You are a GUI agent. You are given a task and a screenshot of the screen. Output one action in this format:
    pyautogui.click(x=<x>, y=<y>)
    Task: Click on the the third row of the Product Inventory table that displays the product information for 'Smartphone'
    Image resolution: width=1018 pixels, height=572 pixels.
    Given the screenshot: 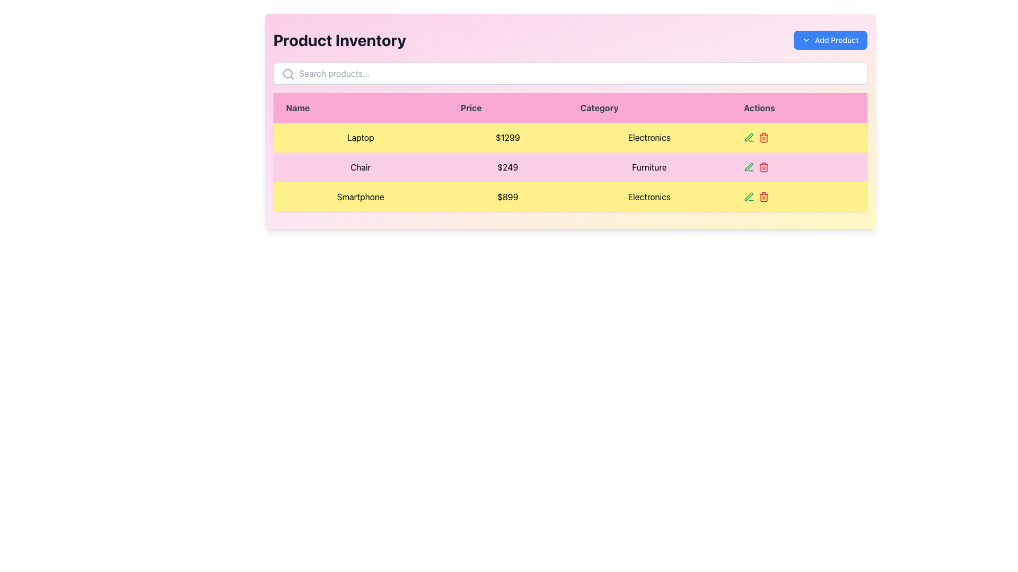 What is the action you would take?
    pyautogui.click(x=569, y=196)
    